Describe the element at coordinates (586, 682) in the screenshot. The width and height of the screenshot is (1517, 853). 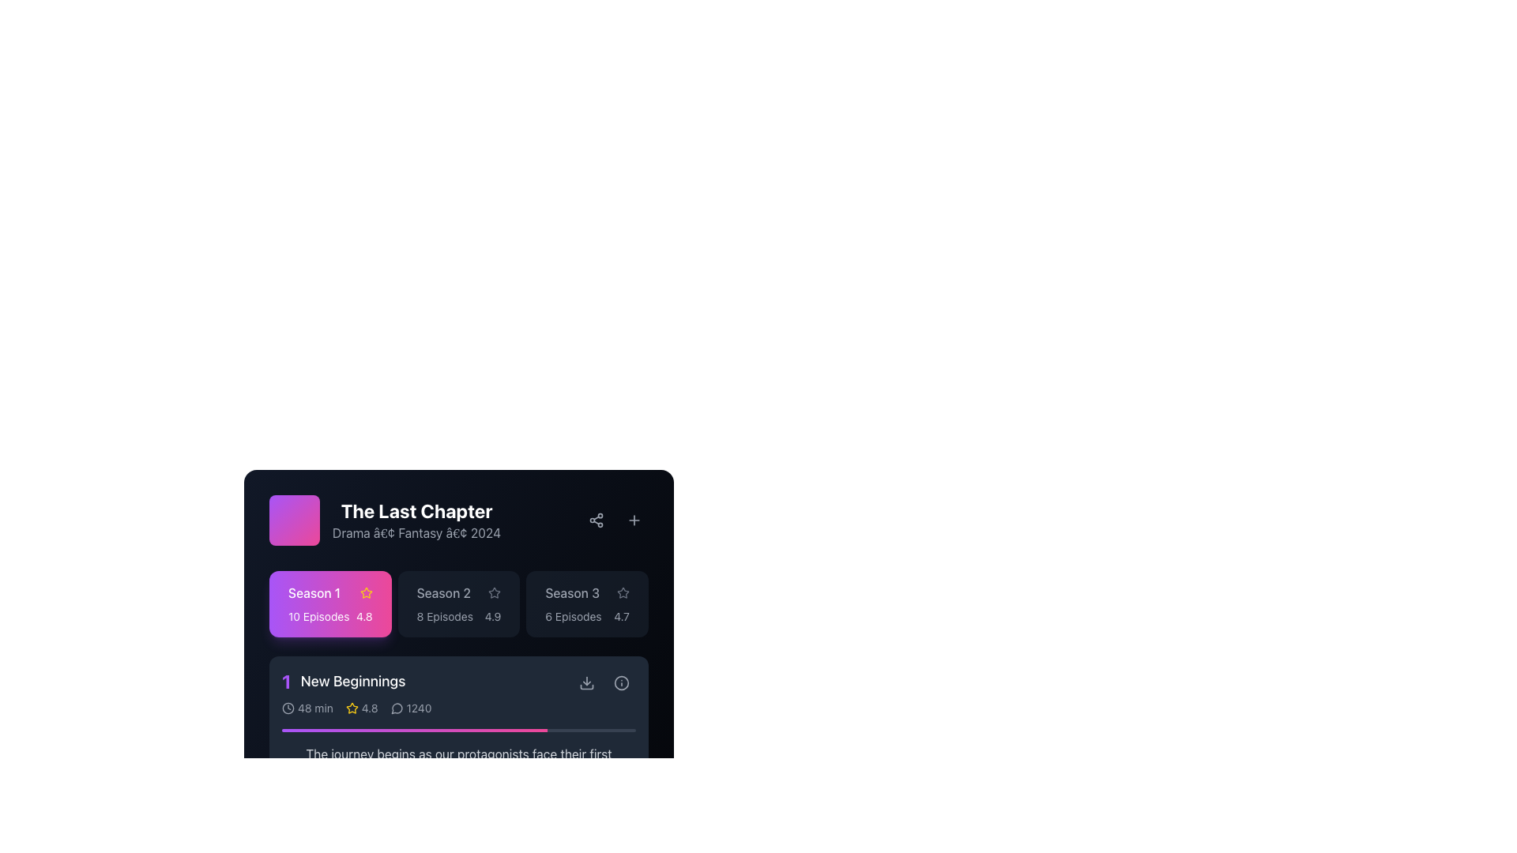
I see `the downward-pointing arrow icon button representing the download action for the episode 'New Beginnings'` at that location.